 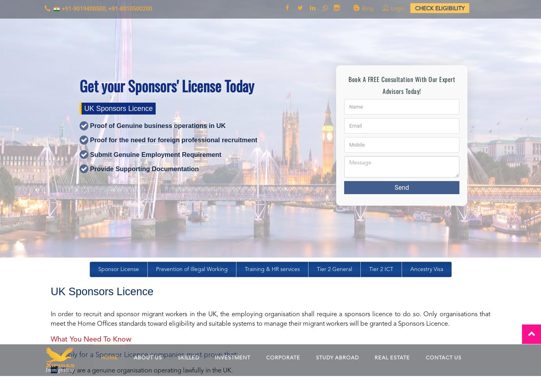 What do you see at coordinates (53, 240) in the screenshot?
I see `'Our Affiliates'` at bounding box center [53, 240].